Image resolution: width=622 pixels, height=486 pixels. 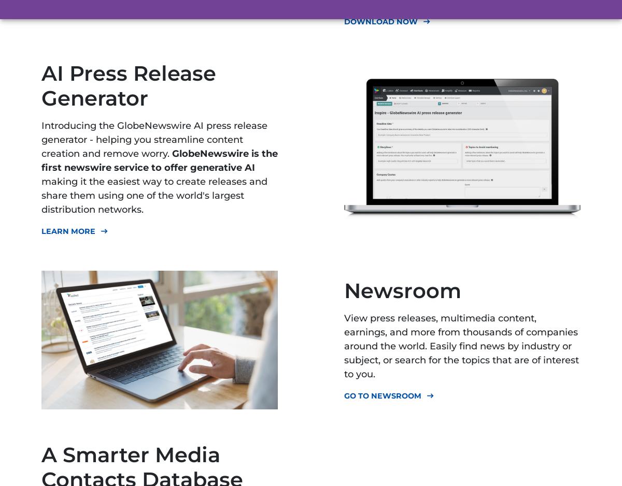 I want to click on 'Download Now', so click(x=381, y=21).